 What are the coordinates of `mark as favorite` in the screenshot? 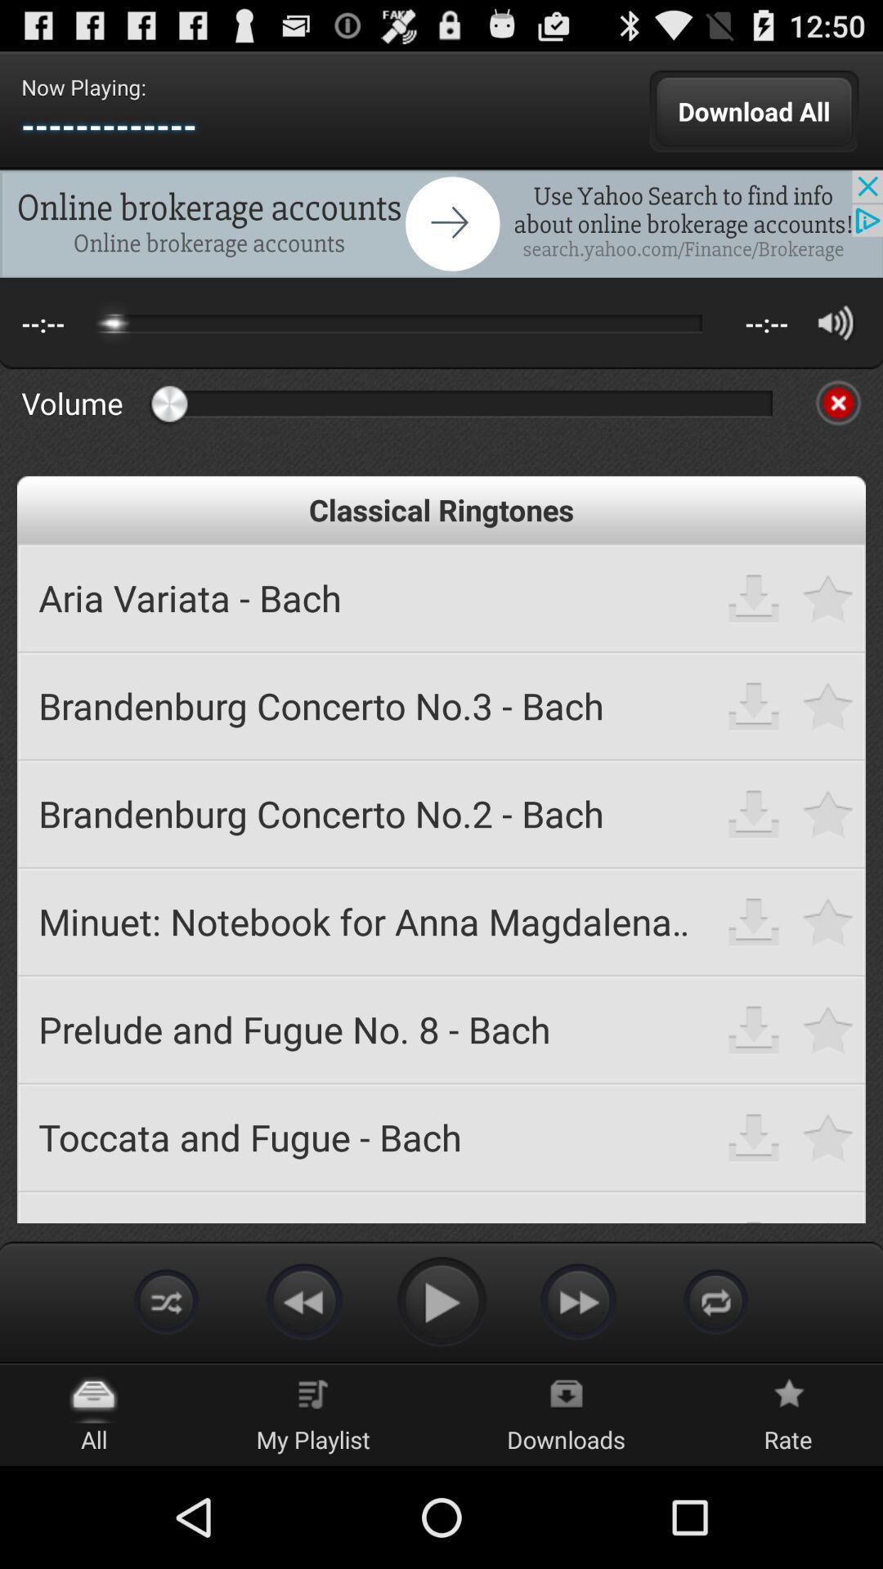 It's located at (828, 705).